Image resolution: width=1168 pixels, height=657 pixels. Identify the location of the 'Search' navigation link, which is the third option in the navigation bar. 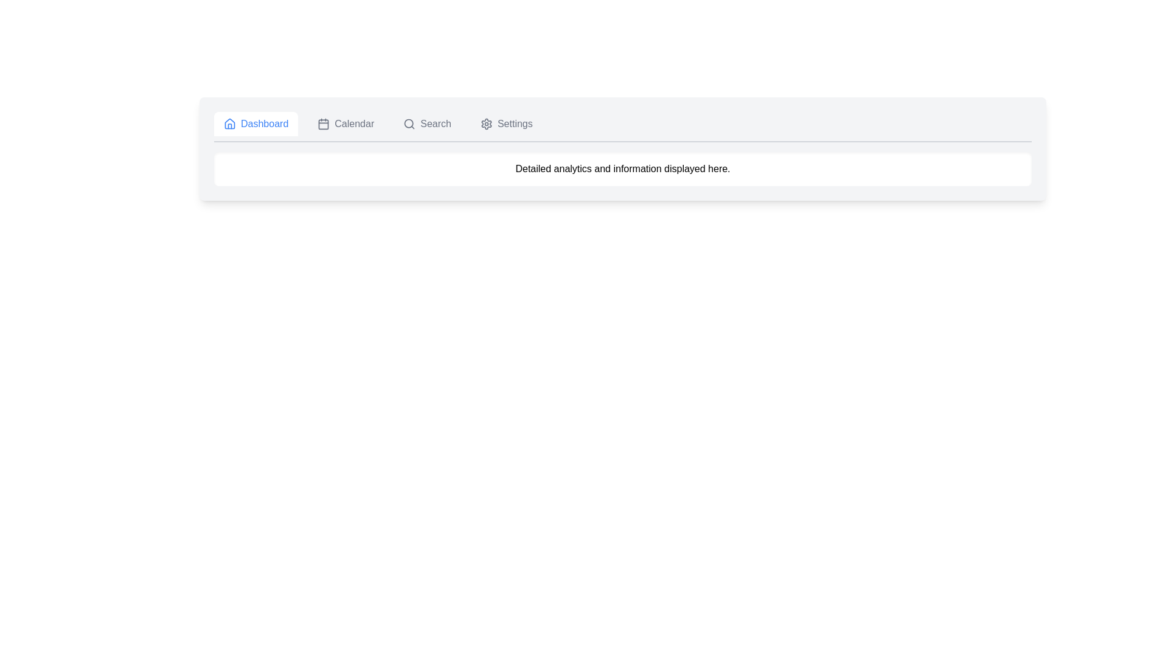
(427, 124).